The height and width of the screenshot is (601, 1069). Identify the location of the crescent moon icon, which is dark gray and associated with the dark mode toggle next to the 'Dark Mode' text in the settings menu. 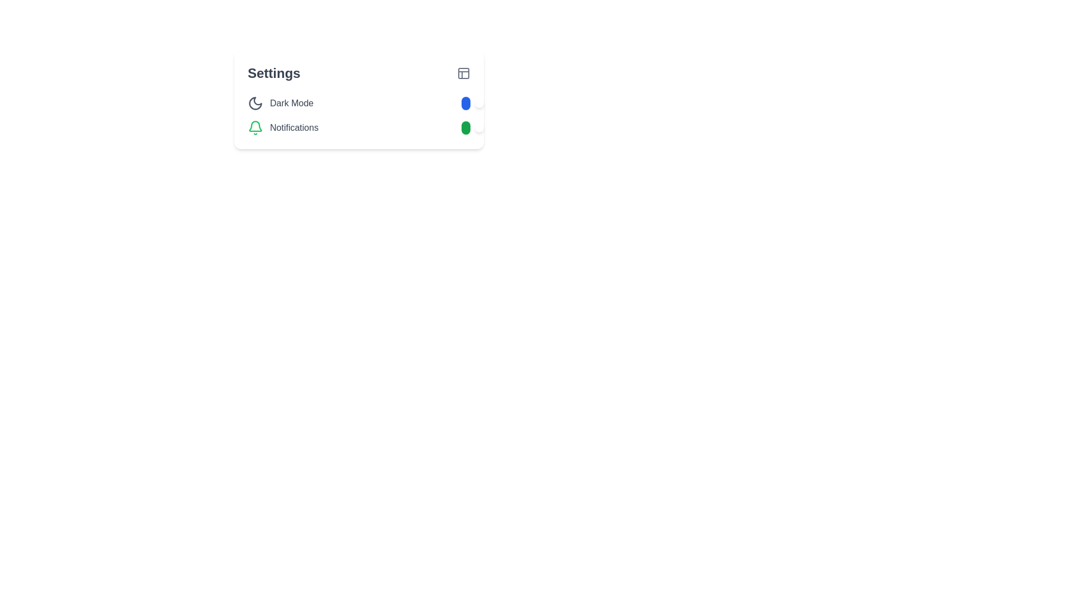
(255, 103).